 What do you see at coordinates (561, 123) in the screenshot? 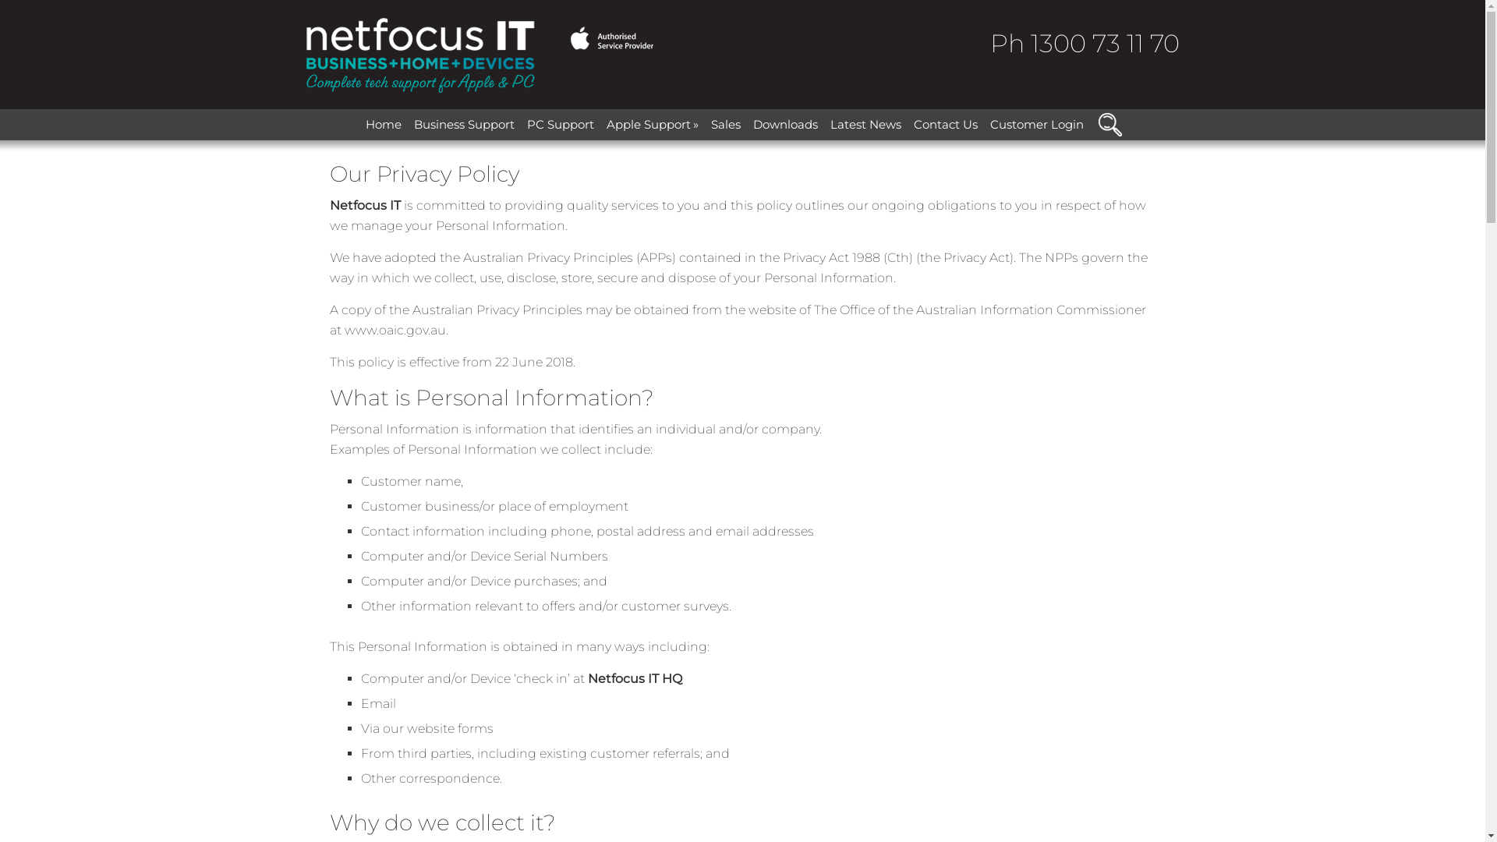
I see `'PC Support'` at bounding box center [561, 123].